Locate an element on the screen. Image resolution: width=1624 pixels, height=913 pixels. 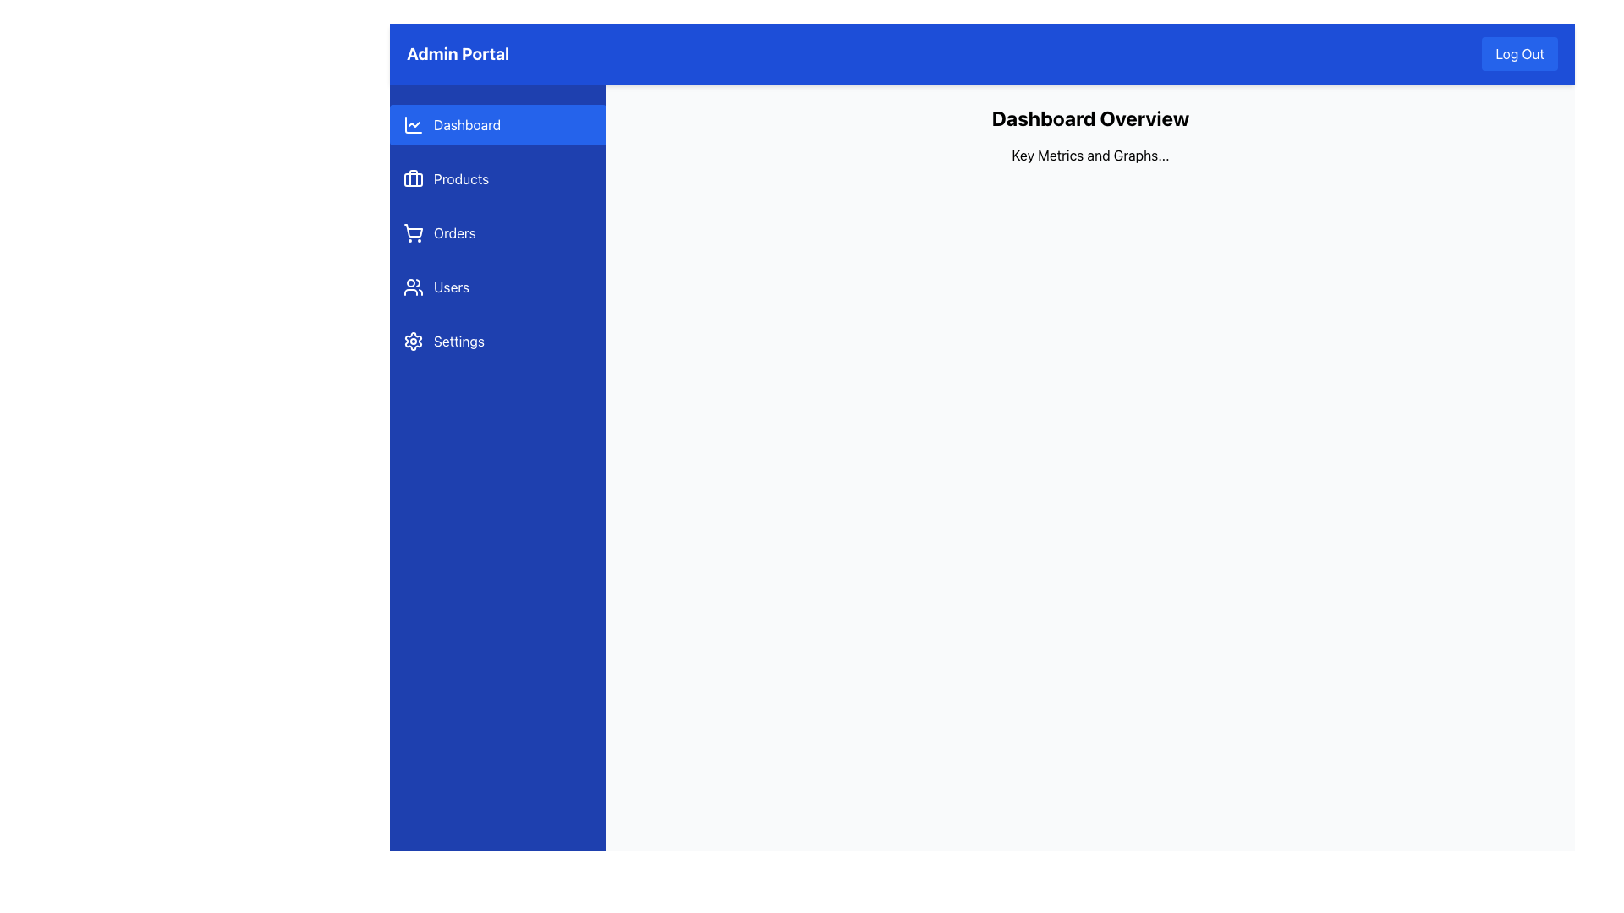
the 'Orders' text label in the vertical navigation menu, which is located adjacent to the shopping cart icon and is the third item in the menu is located at coordinates (454, 233).